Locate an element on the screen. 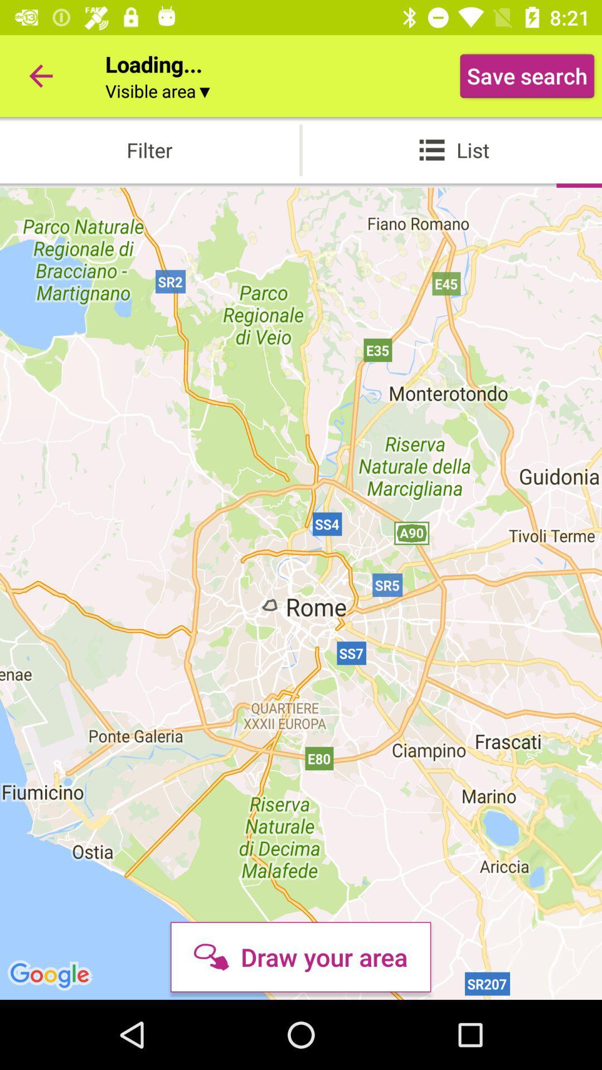 The image size is (602, 1070). the icon to the right of loading... is located at coordinates (527, 75).